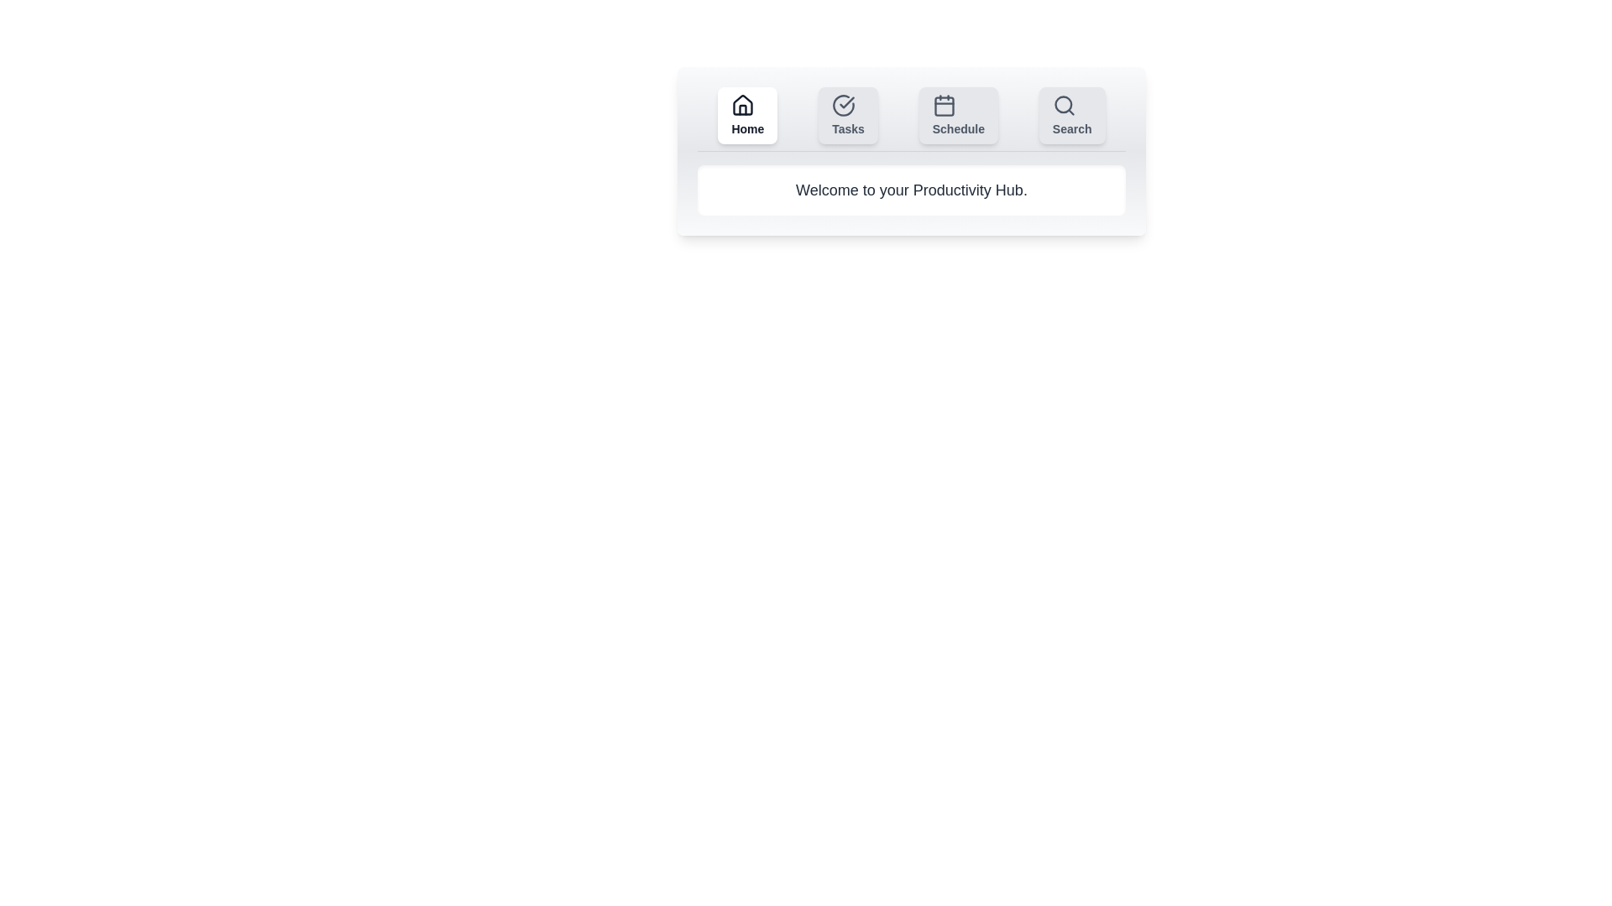 The image size is (1612, 906). Describe the element at coordinates (746, 115) in the screenshot. I see `the Home tab by clicking its respective button` at that location.